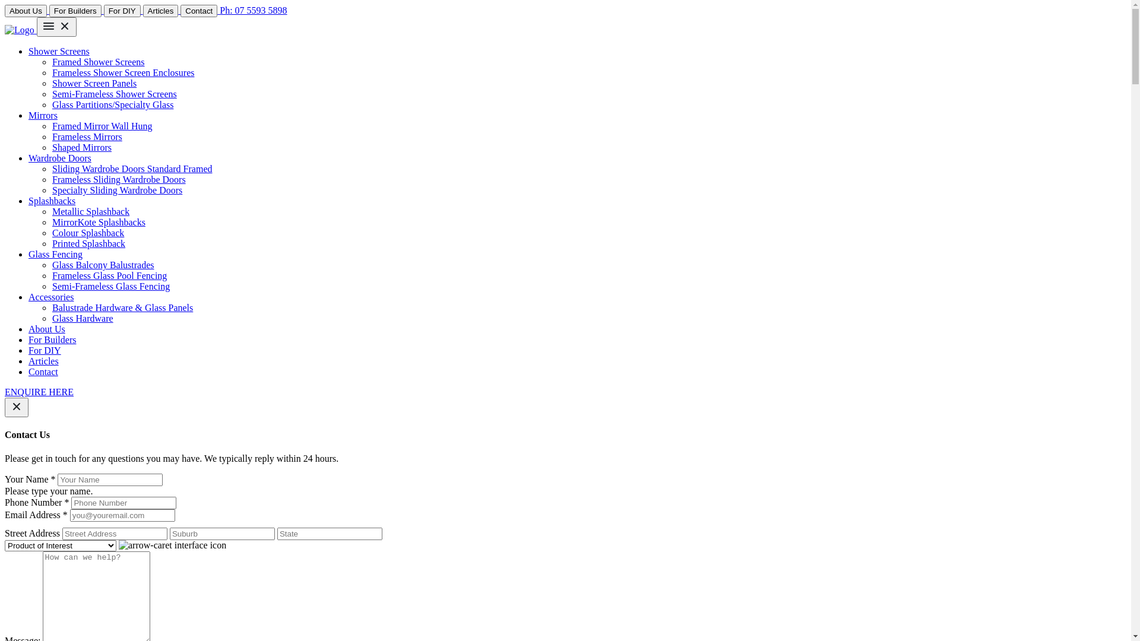 The image size is (1140, 641). I want to click on 'For DIY', so click(45, 350).